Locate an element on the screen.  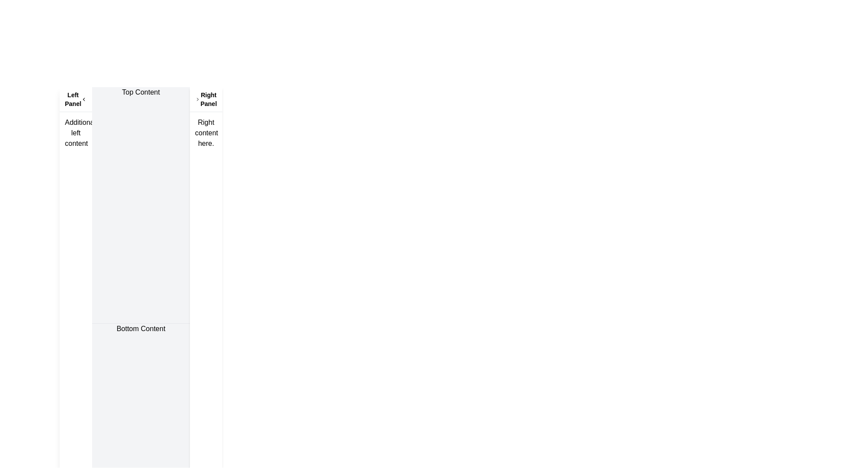
the SVG arrow icon (Chevron-left) located in the header area of the 'Left Panel' section is located at coordinates (84, 99).